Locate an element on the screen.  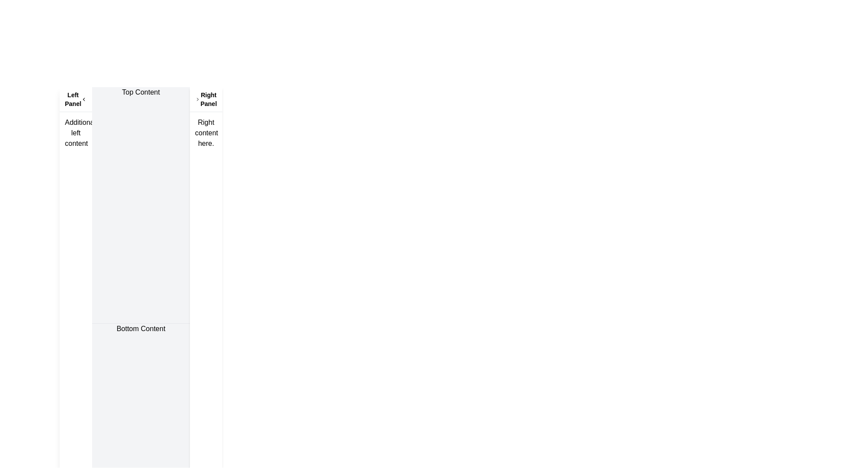
the SVG arrow icon (Chevron-left) located in the header area of the 'Left Panel' section is located at coordinates (84, 99).